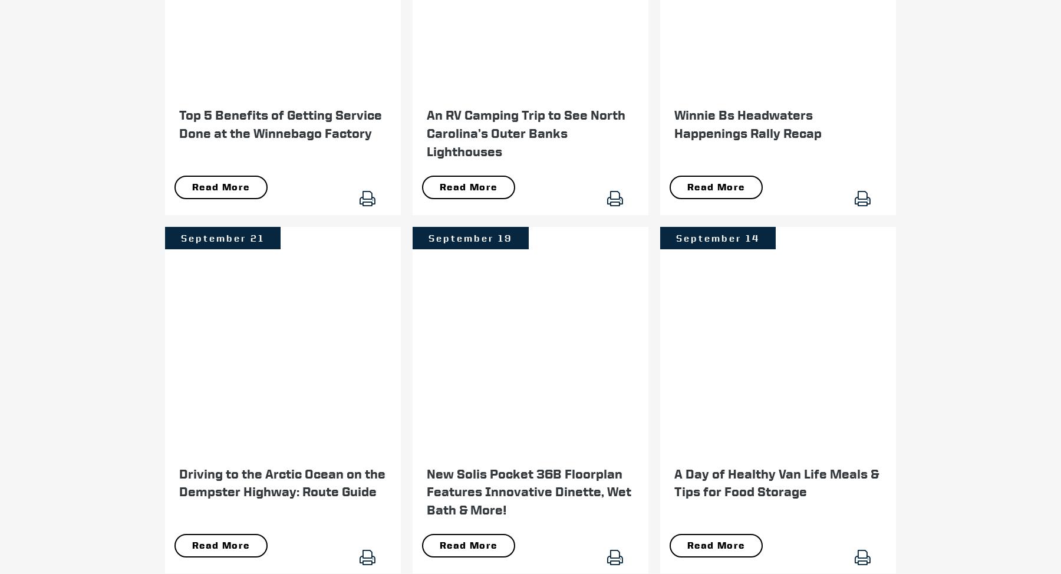 Image resolution: width=1061 pixels, height=574 pixels. What do you see at coordinates (674, 123) in the screenshot?
I see `'Winnie Bs Headwaters Happenings Rally Recap'` at bounding box center [674, 123].